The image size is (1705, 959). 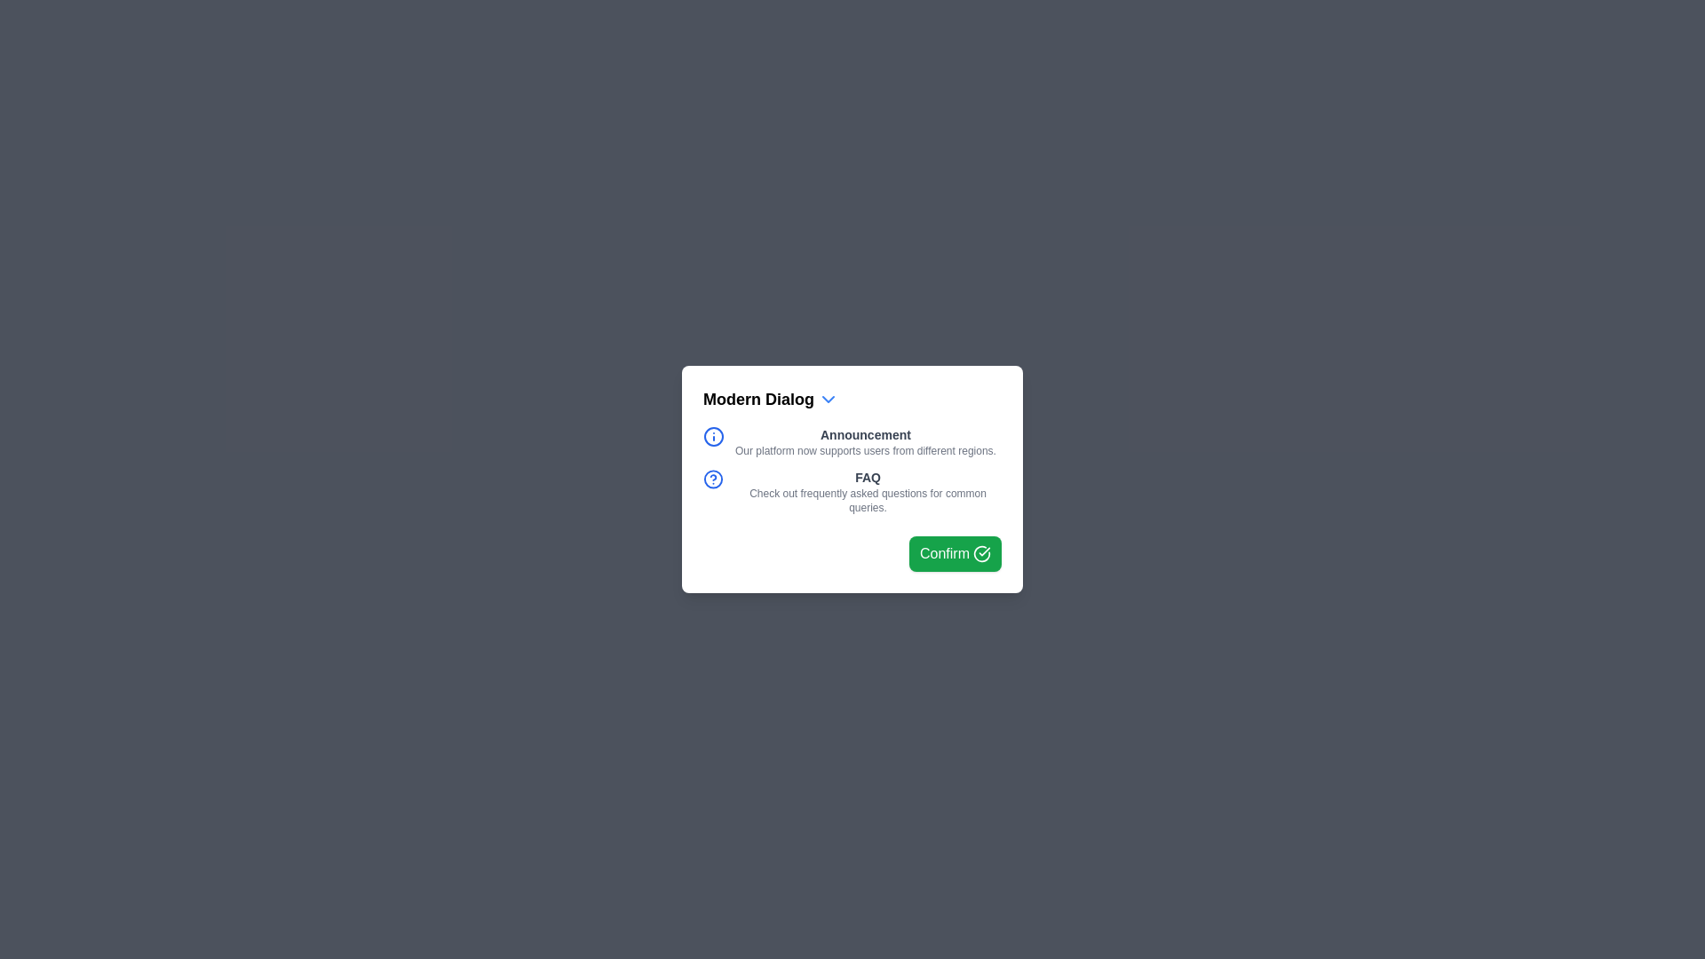 I want to click on the confirm button to close the dialog, so click(x=954, y=553).